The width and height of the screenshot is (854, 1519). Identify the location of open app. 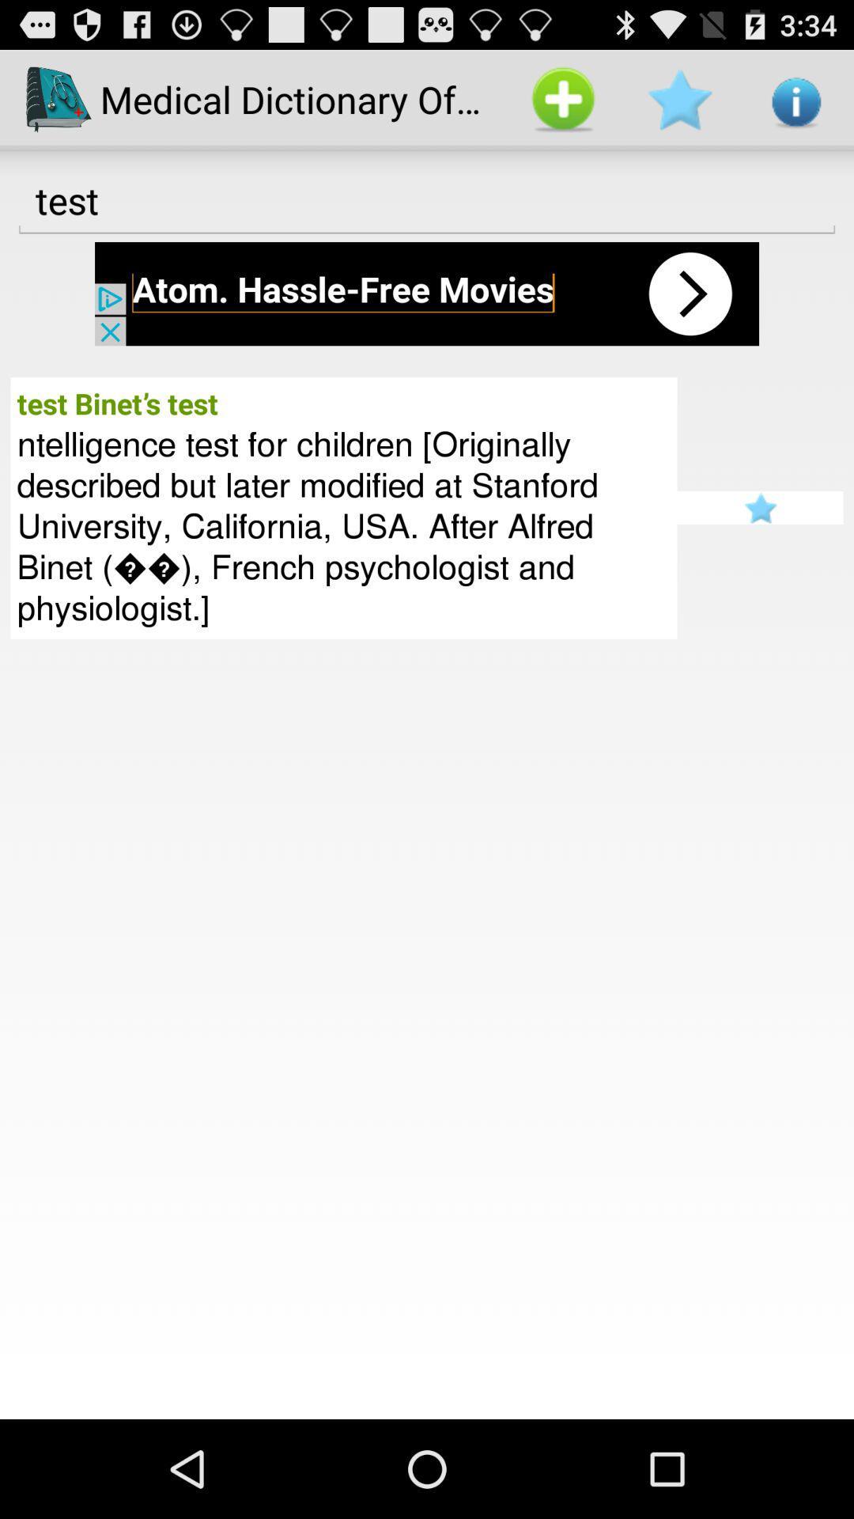
(427, 294).